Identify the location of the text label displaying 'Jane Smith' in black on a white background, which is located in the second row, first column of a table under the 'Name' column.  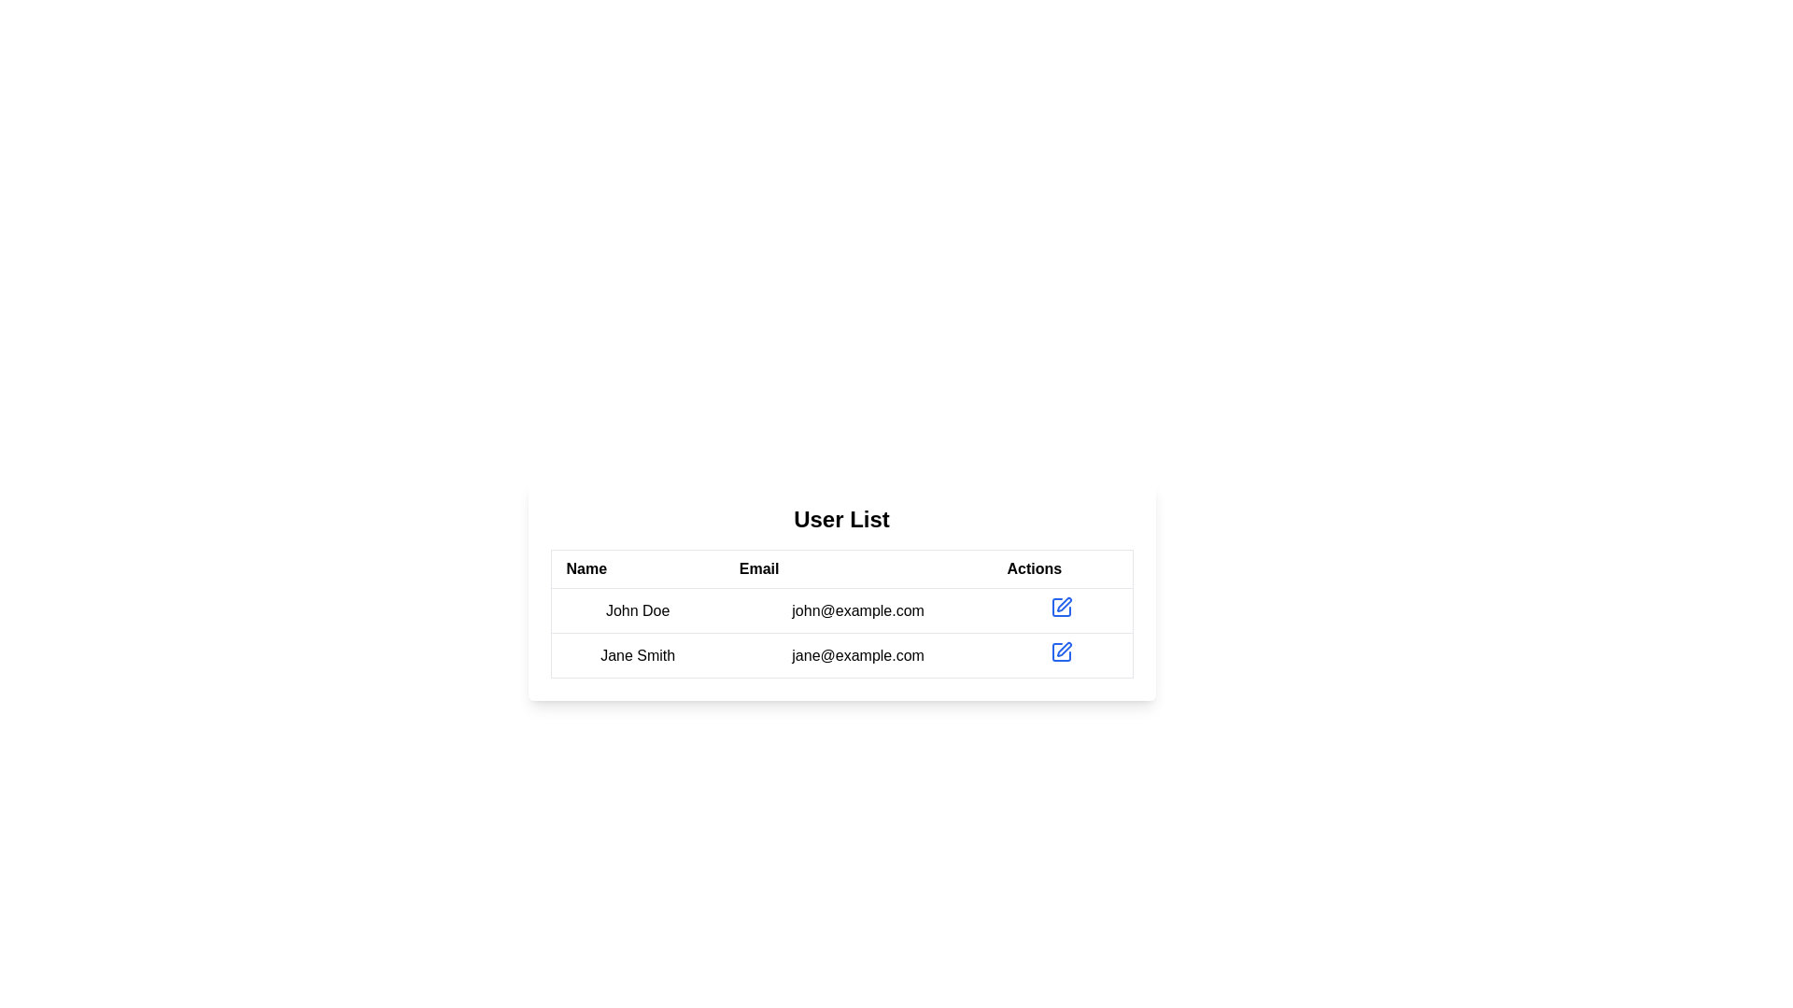
(637, 654).